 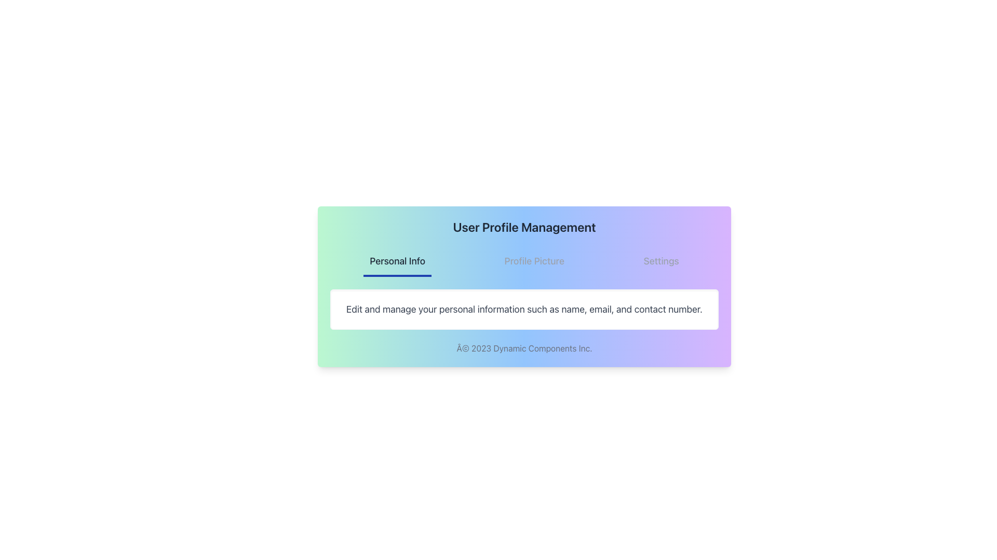 I want to click on the 'Personal Info' button, which is the first tab in the horizontal navigation menu and has a blue underline indicating it is active, so click(x=397, y=261).